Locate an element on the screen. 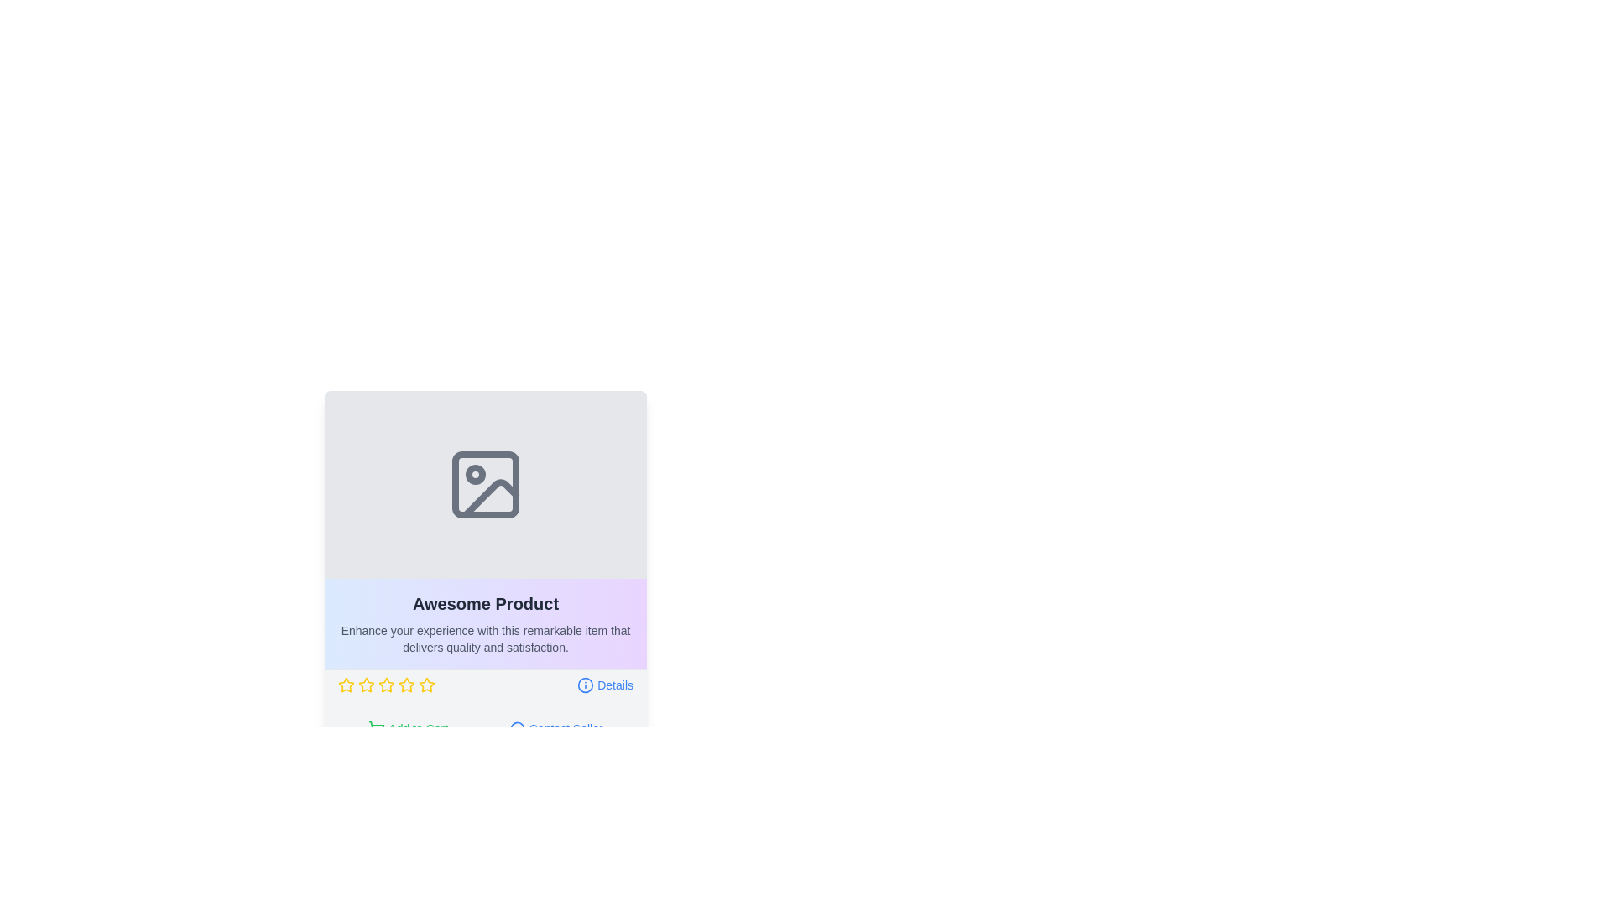  information icon located to the left of the 'Details' label, which has a circular border and a dot in the center is located at coordinates (586, 685).